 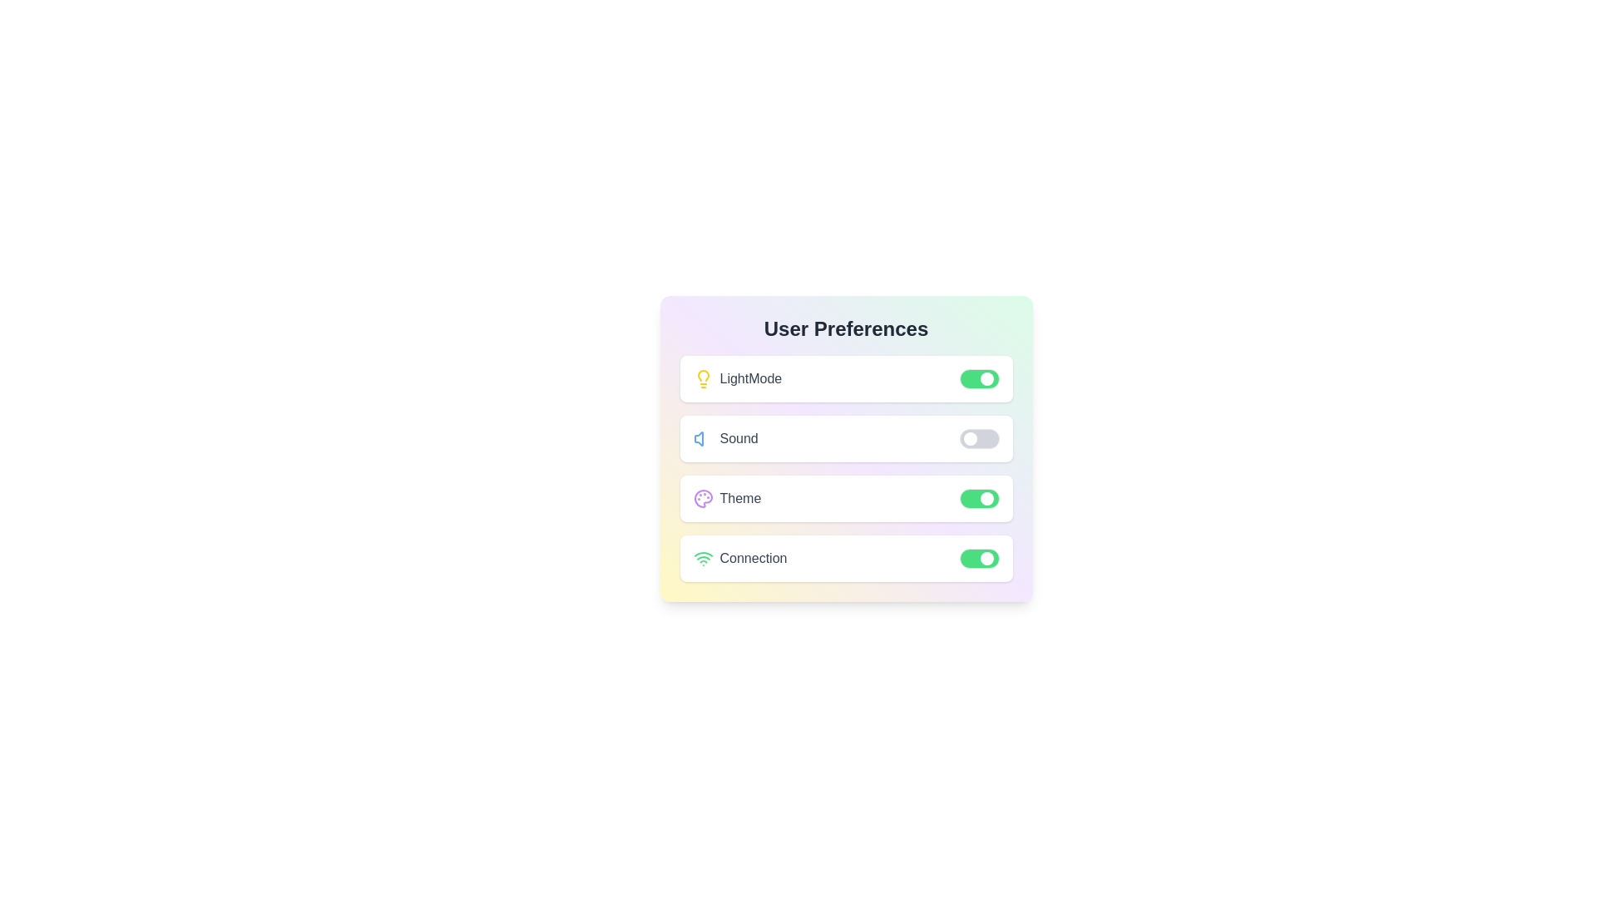 What do you see at coordinates (753, 558) in the screenshot?
I see `the text label that describes connection or network preferences, located on the fourth line of options in the 'User Preferences' interface, between a WiFi icon and a toggle switch` at bounding box center [753, 558].